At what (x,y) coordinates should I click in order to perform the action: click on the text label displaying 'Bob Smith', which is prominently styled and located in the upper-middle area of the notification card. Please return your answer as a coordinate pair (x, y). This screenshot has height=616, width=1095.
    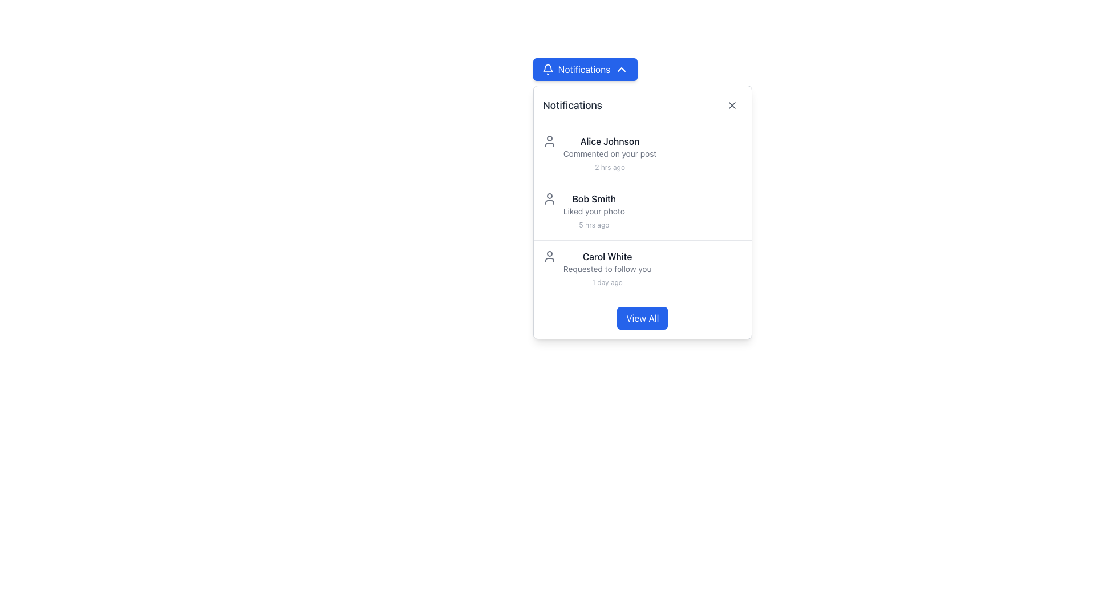
    Looking at the image, I should click on (593, 198).